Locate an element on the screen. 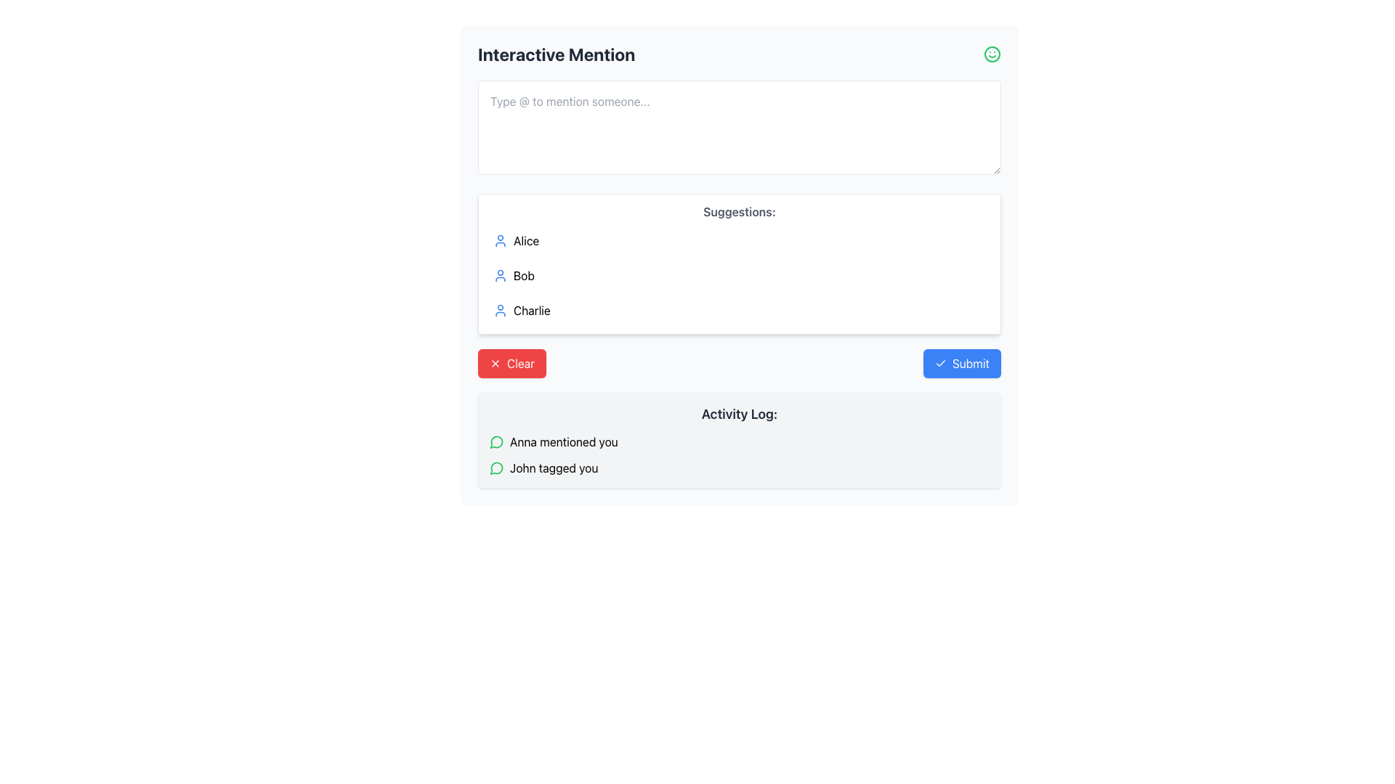  text of the Label (Heading) that categorizes the activity logs, positioned centrally above the activity items is located at coordinates (739, 414).